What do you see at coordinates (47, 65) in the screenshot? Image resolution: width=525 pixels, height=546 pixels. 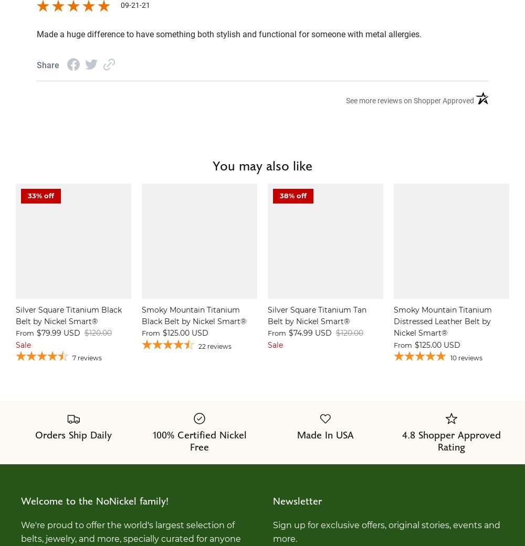 I see `'Share'` at bounding box center [47, 65].